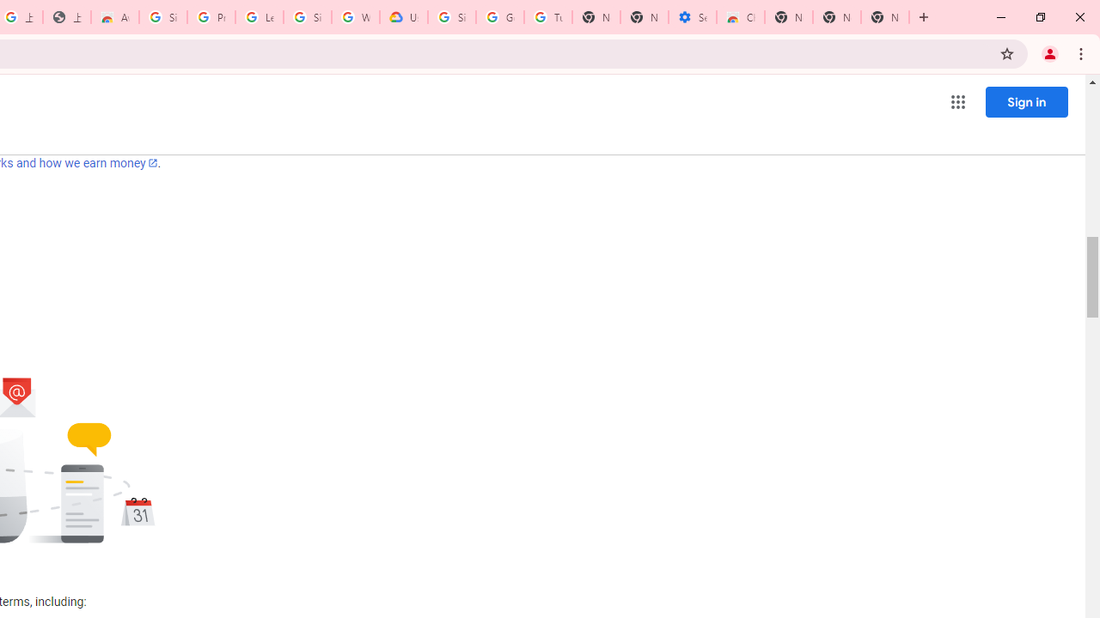 This screenshot has width=1100, height=618. What do you see at coordinates (1048, 52) in the screenshot?
I see `'You'` at bounding box center [1048, 52].